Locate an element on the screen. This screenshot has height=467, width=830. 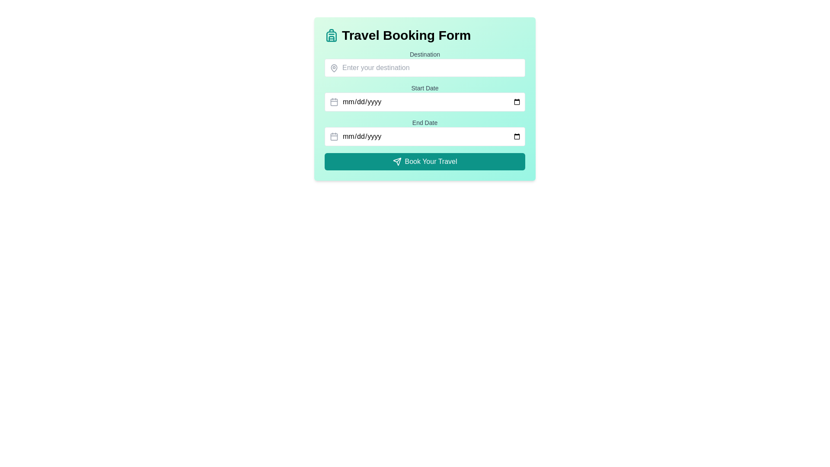
the wide, teal-colored button with rounded corners and the text 'Book Your Travel' is located at coordinates (425, 162).